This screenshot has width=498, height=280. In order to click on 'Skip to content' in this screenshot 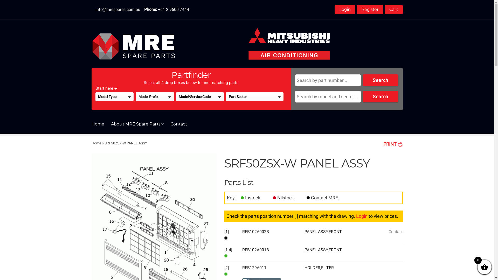, I will do `click(0, 0)`.